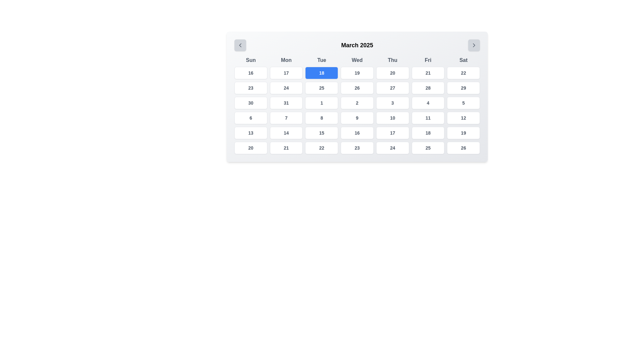  I want to click on the calendar button displaying the digit '7' located in the second column of the fifth row under the header 'Mon', so click(286, 118).